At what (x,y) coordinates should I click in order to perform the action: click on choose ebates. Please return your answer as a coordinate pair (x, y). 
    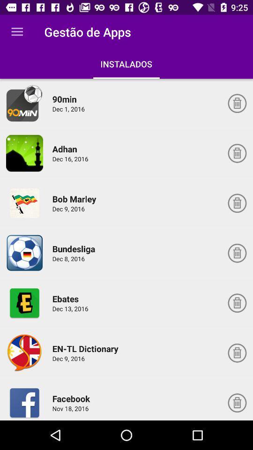
    Looking at the image, I should click on (24, 302).